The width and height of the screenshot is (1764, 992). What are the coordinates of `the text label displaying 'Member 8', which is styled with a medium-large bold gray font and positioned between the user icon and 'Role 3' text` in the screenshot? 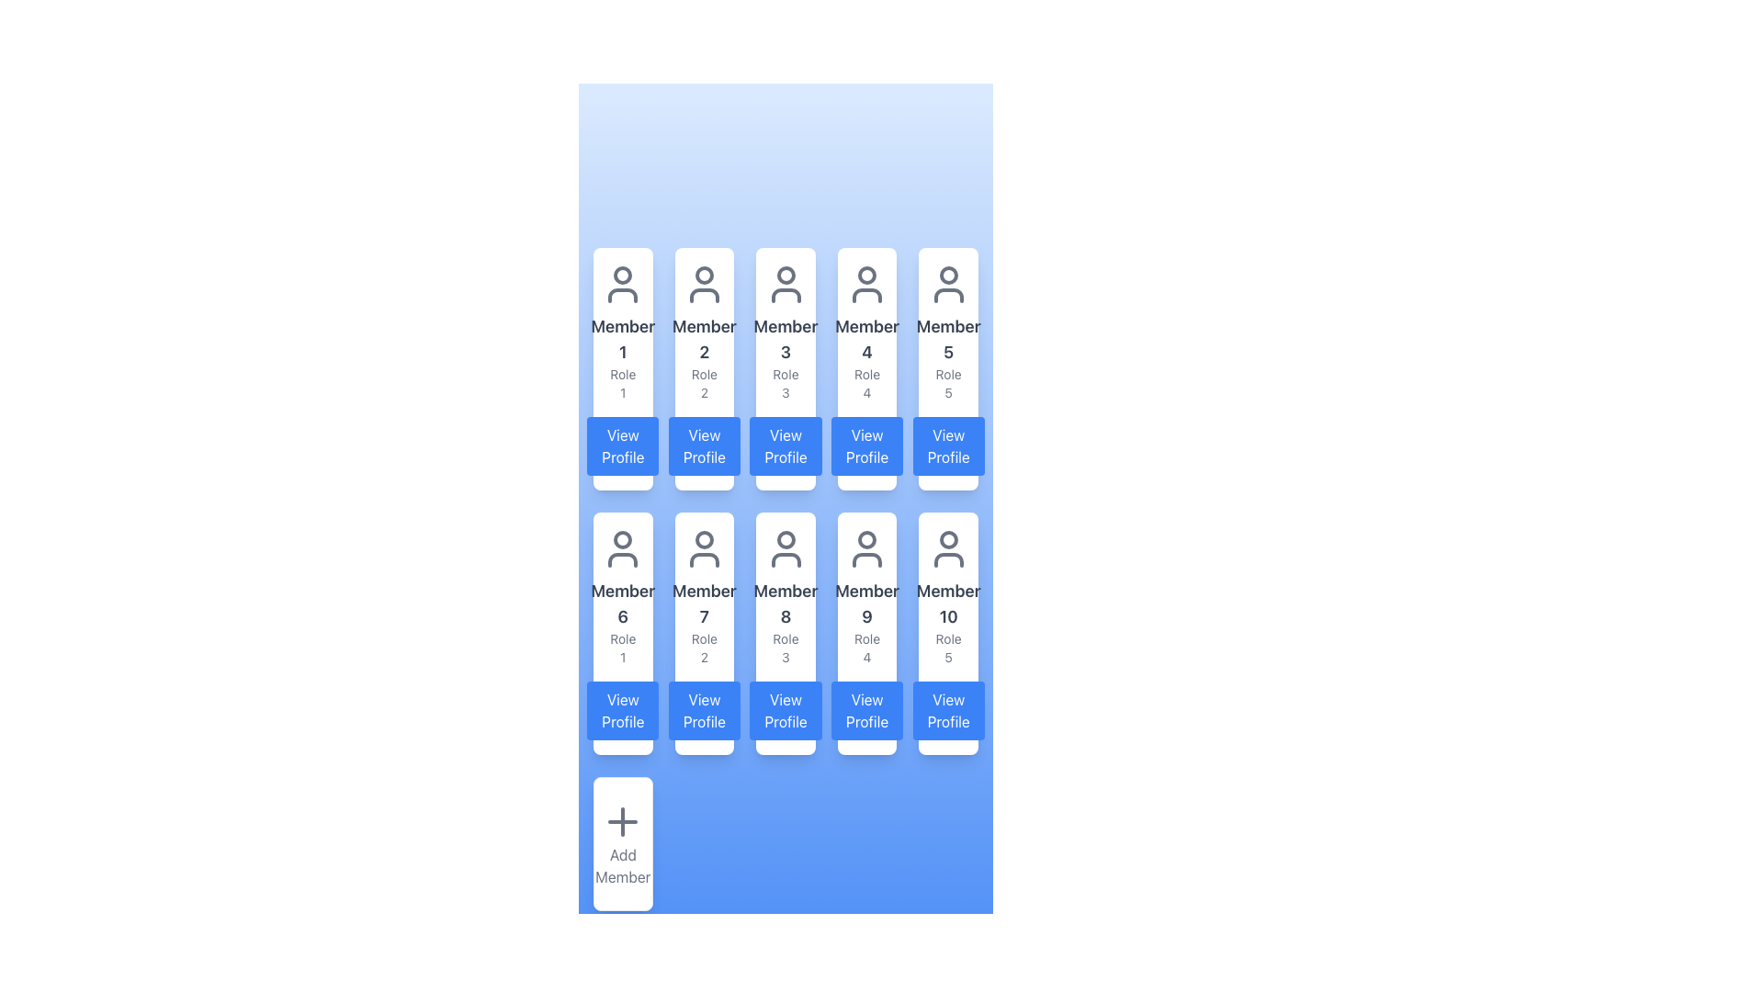 It's located at (786, 604).